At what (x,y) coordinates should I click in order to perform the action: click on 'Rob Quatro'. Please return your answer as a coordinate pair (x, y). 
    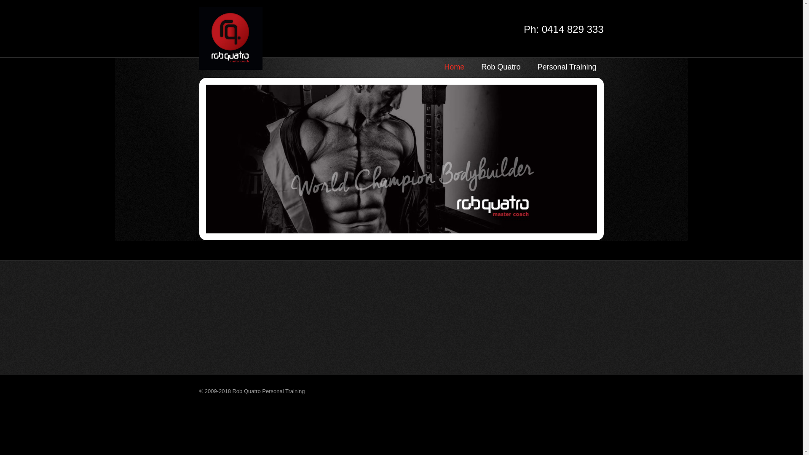
    Looking at the image, I should click on (477, 67).